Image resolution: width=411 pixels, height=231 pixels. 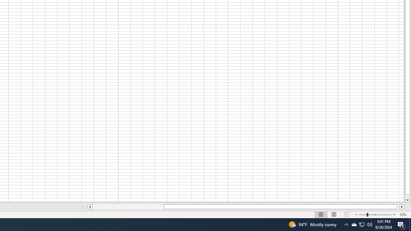 What do you see at coordinates (346, 215) in the screenshot?
I see `'Page Break Preview'` at bounding box center [346, 215].